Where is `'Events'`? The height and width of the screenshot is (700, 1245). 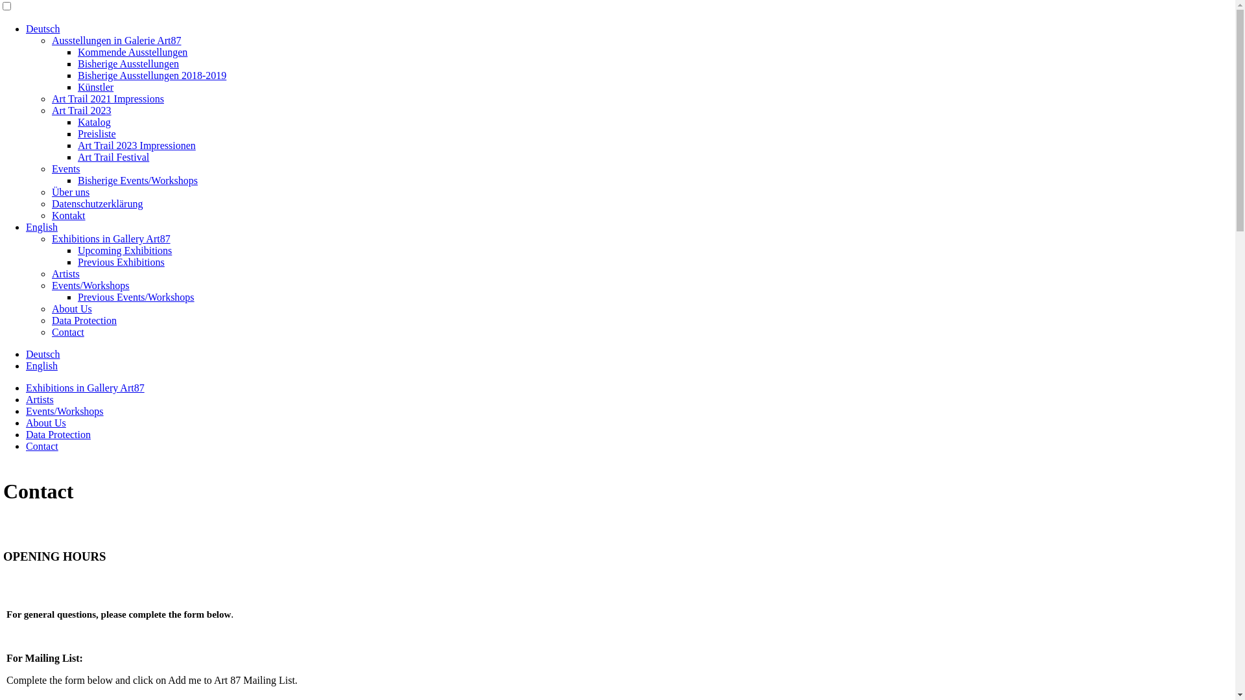 'Events' is located at coordinates (65, 168).